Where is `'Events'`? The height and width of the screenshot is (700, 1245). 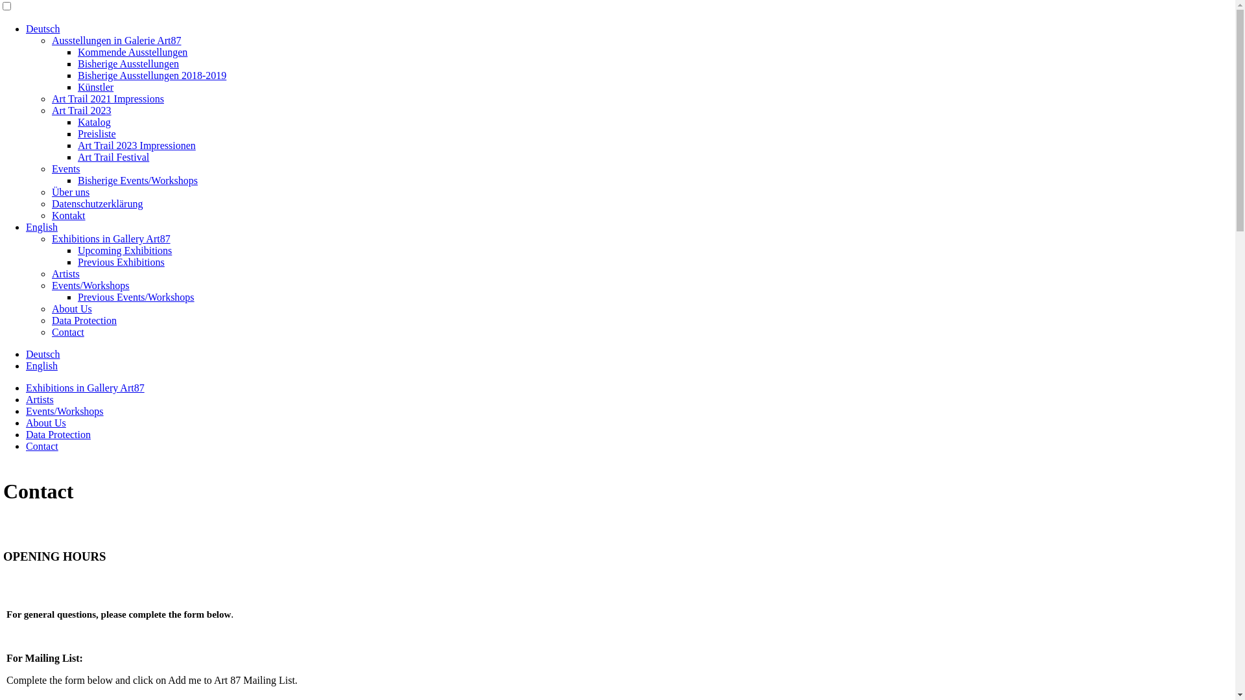 'Events' is located at coordinates (65, 168).